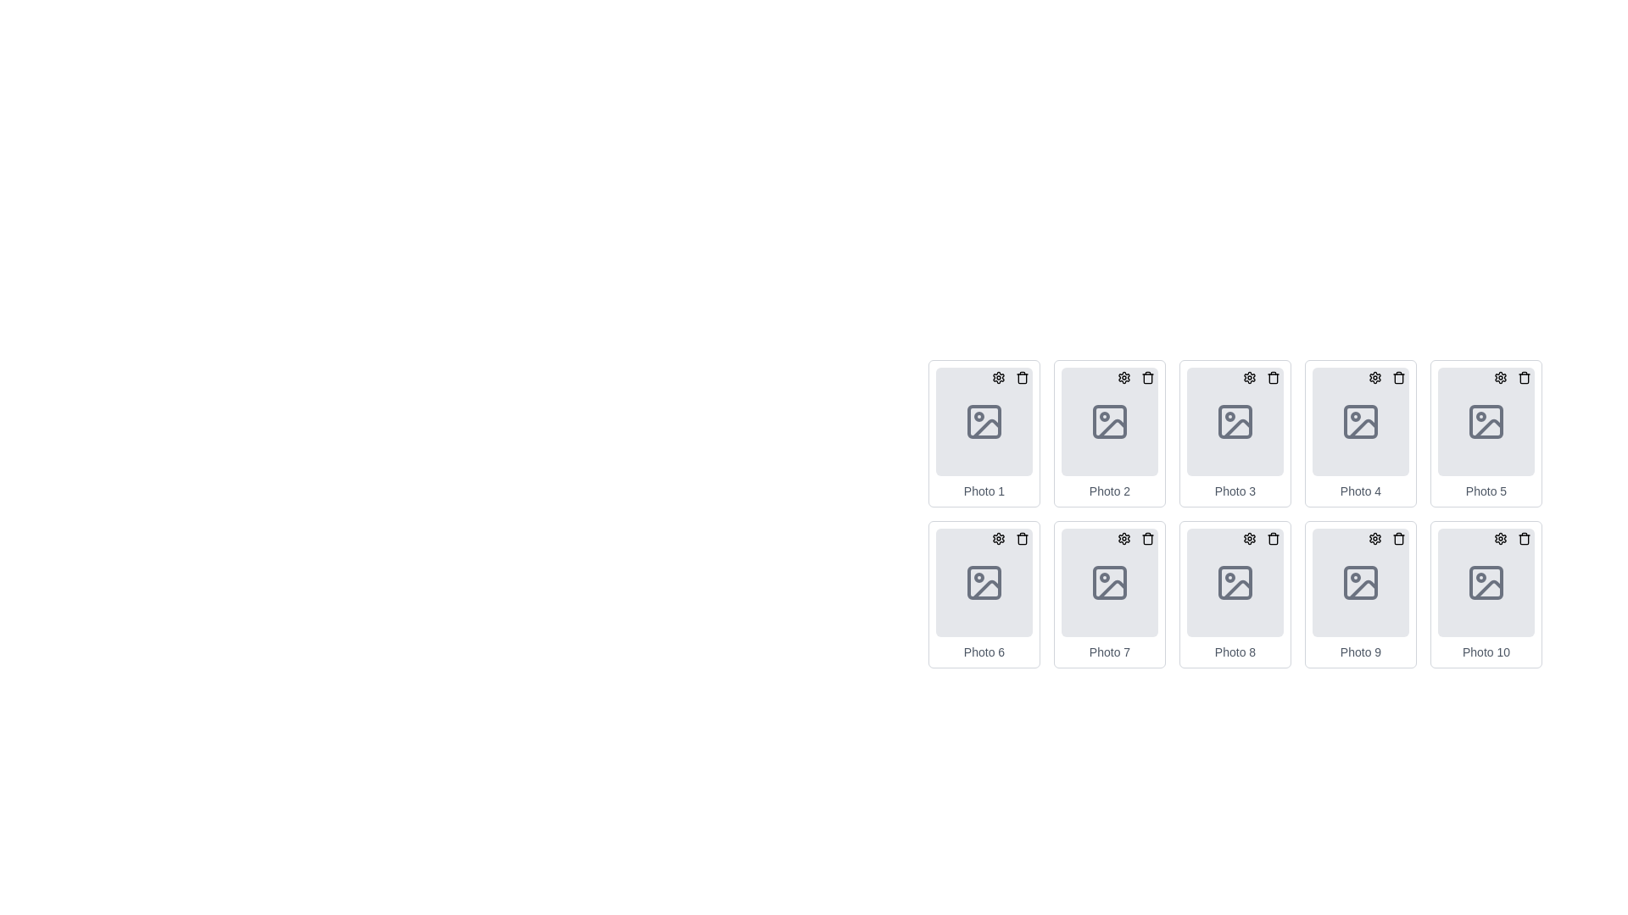 The height and width of the screenshot is (915, 1628). I want to click on the Card component with the label 'Photo 10' located at the bottom-right corner of the grid to initiate hover effects, so click(1485, 594).